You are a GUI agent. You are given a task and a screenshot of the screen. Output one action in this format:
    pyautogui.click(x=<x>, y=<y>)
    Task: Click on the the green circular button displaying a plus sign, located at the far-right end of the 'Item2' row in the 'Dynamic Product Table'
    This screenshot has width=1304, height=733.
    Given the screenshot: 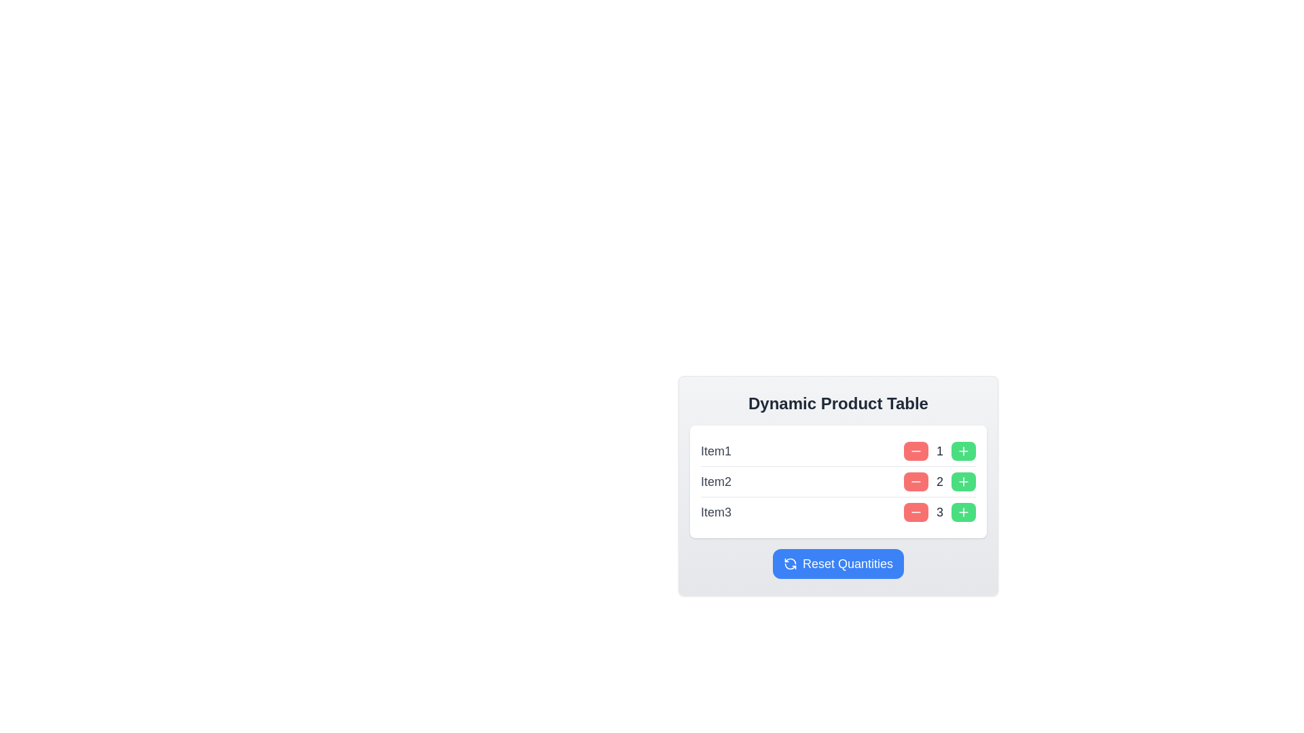 What is the action you would take?
    pyautogui.click(x=963, y=481)
    